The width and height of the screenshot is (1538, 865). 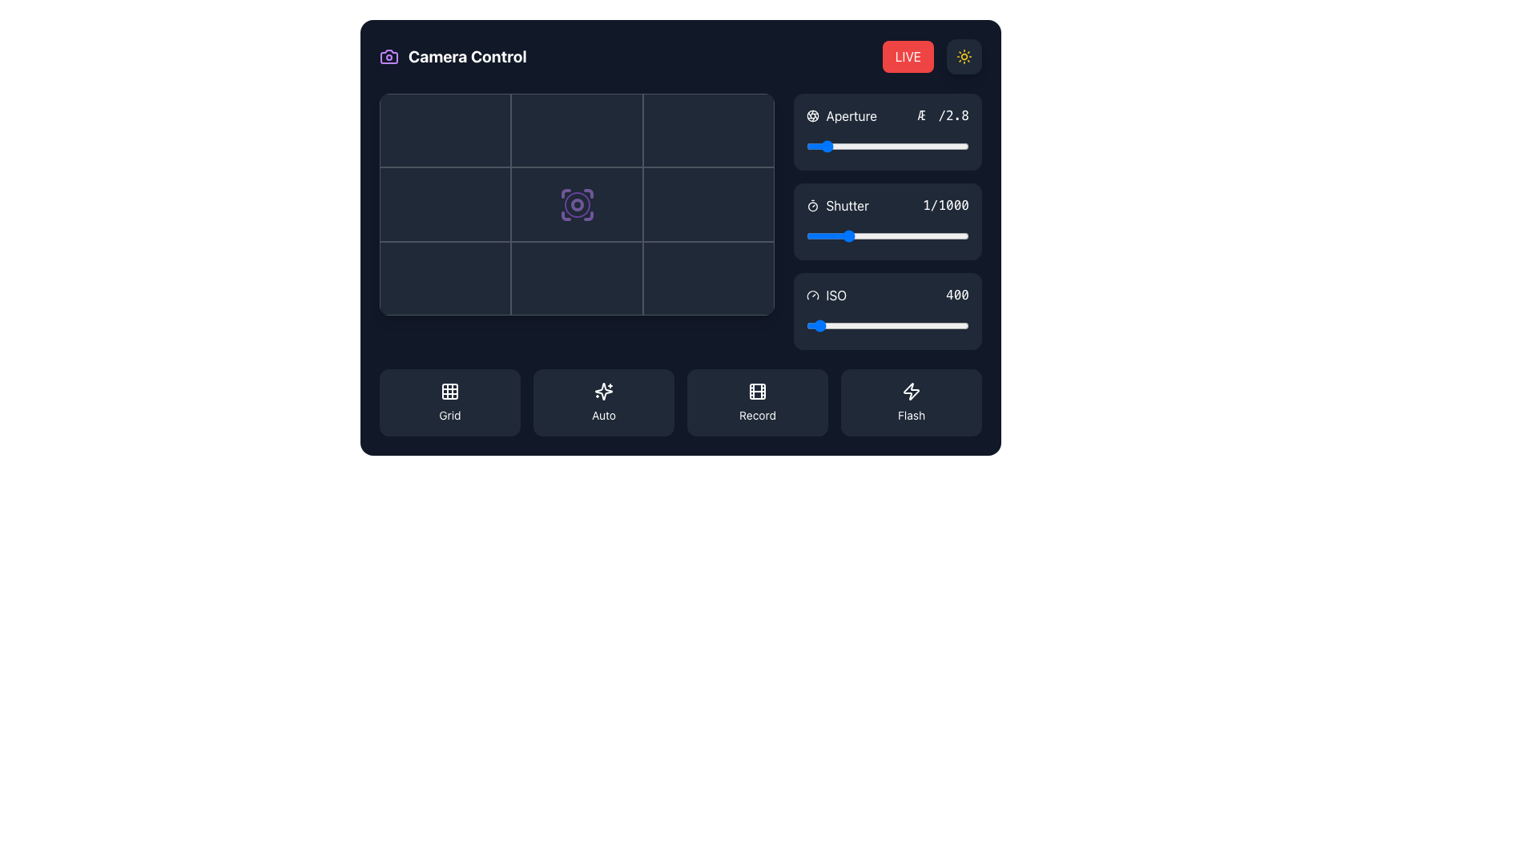 I want to click on the shutter speed value, so click(x=811, y=235).